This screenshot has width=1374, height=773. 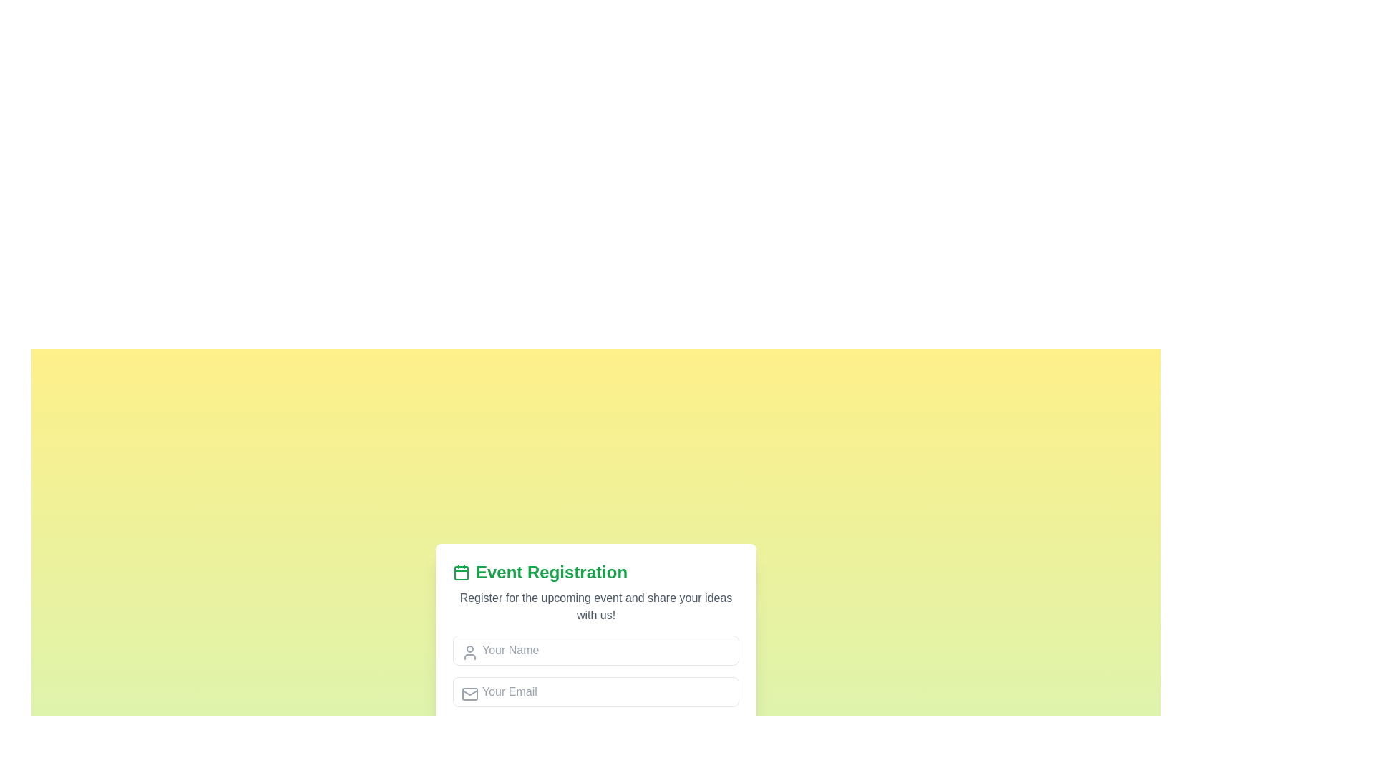 What do you see at coordinates (596, 606) in the screenshot?
I see `the static text label providing context for event registration, positioned below the 'Event Registration' heading and above the input fields for 'Your Name' and 'Your Email'` at bounding box center [596, 606].